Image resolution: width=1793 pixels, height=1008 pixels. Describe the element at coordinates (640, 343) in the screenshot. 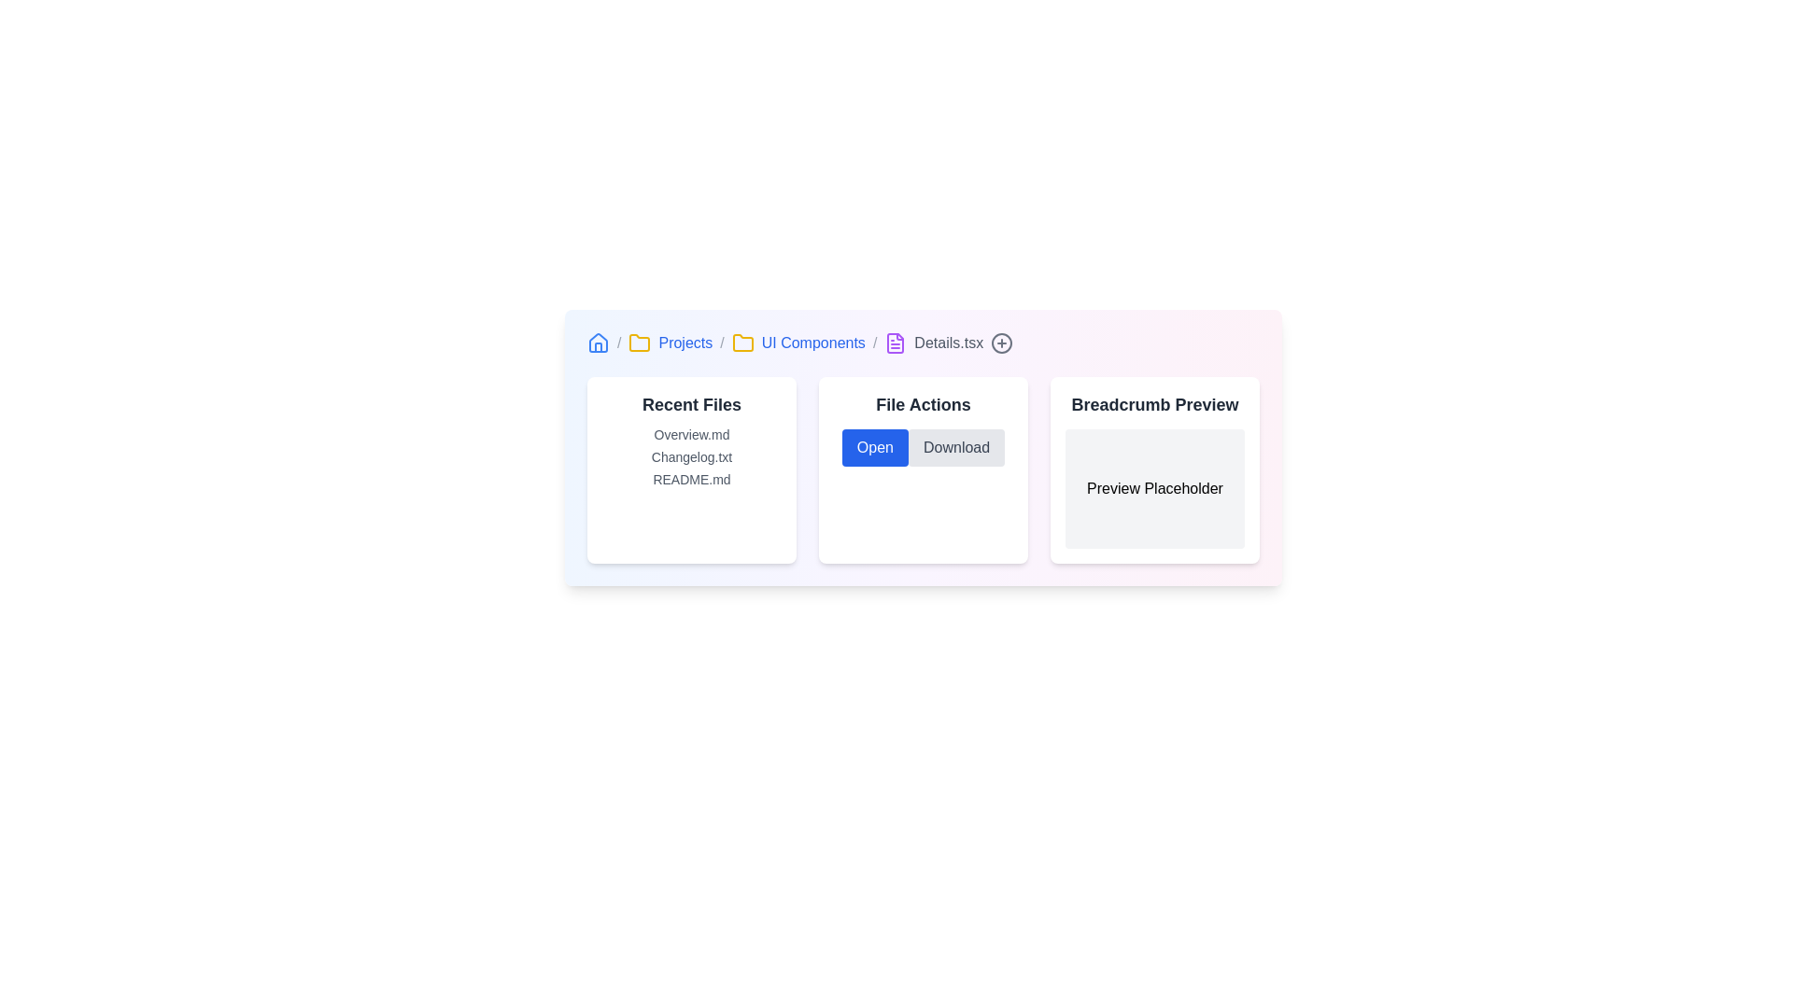

I see `the folder icon in the breadcrumb navigation bar, which is the second icon from the left and located next to the 'Projects' label` at that location.